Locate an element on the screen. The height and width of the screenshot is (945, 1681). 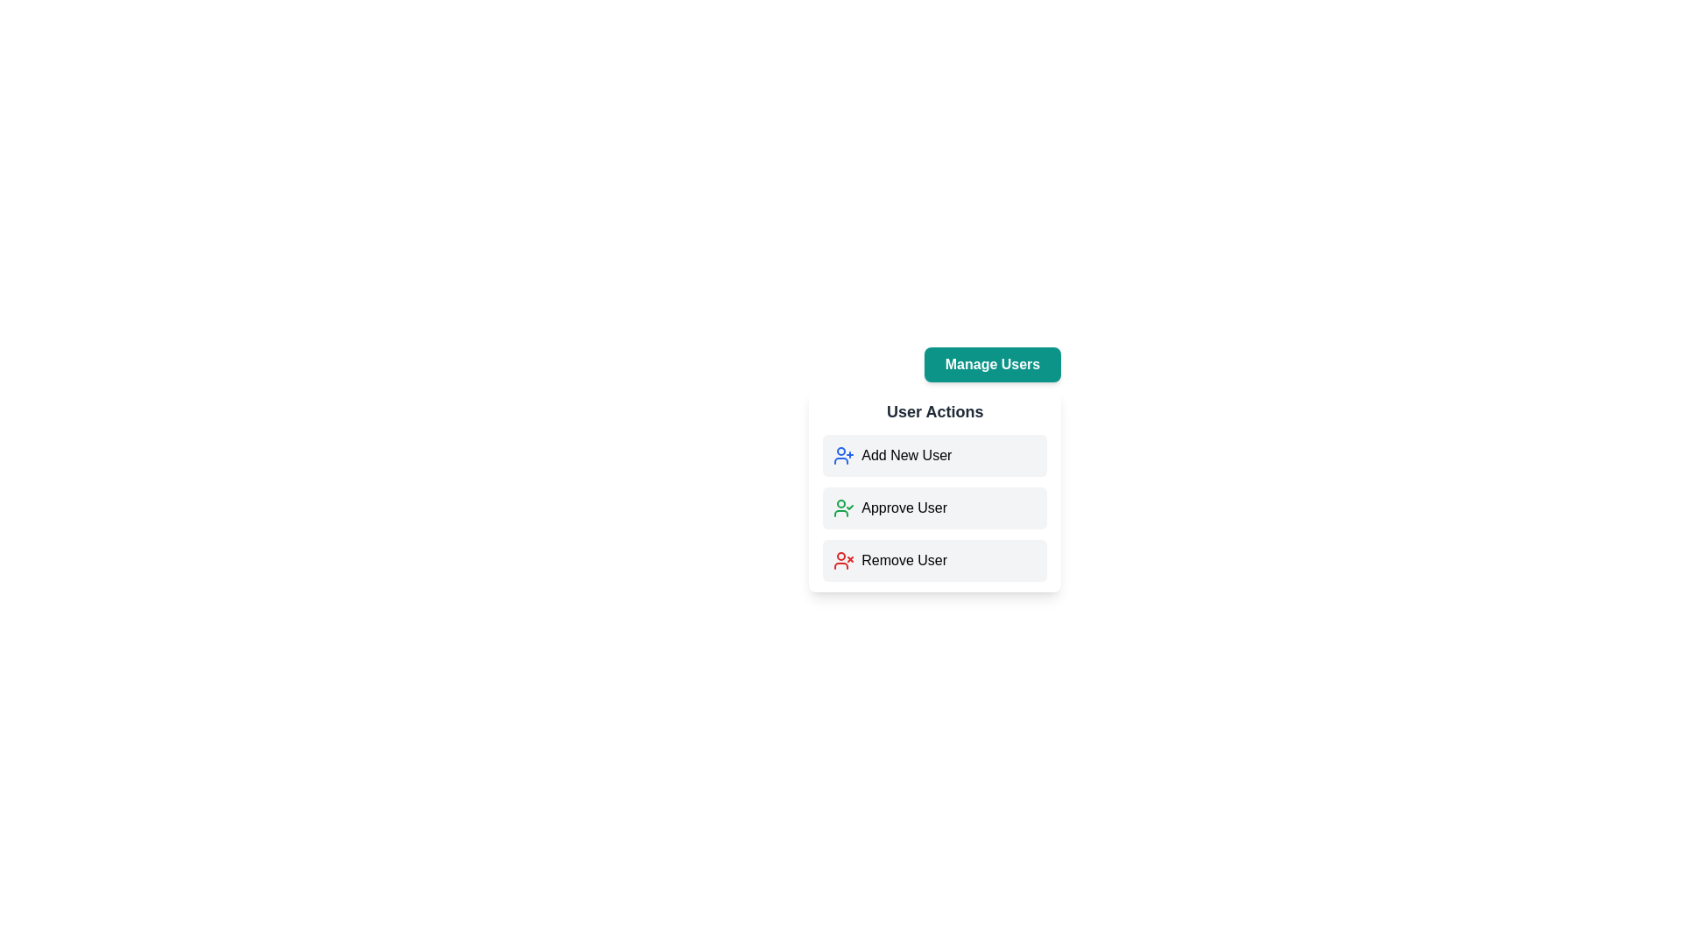
the approve button located in the 'User Actions' panel, positioned vertically between 'Add New User' and 'Remove User' is located at coordinates (934, 508).